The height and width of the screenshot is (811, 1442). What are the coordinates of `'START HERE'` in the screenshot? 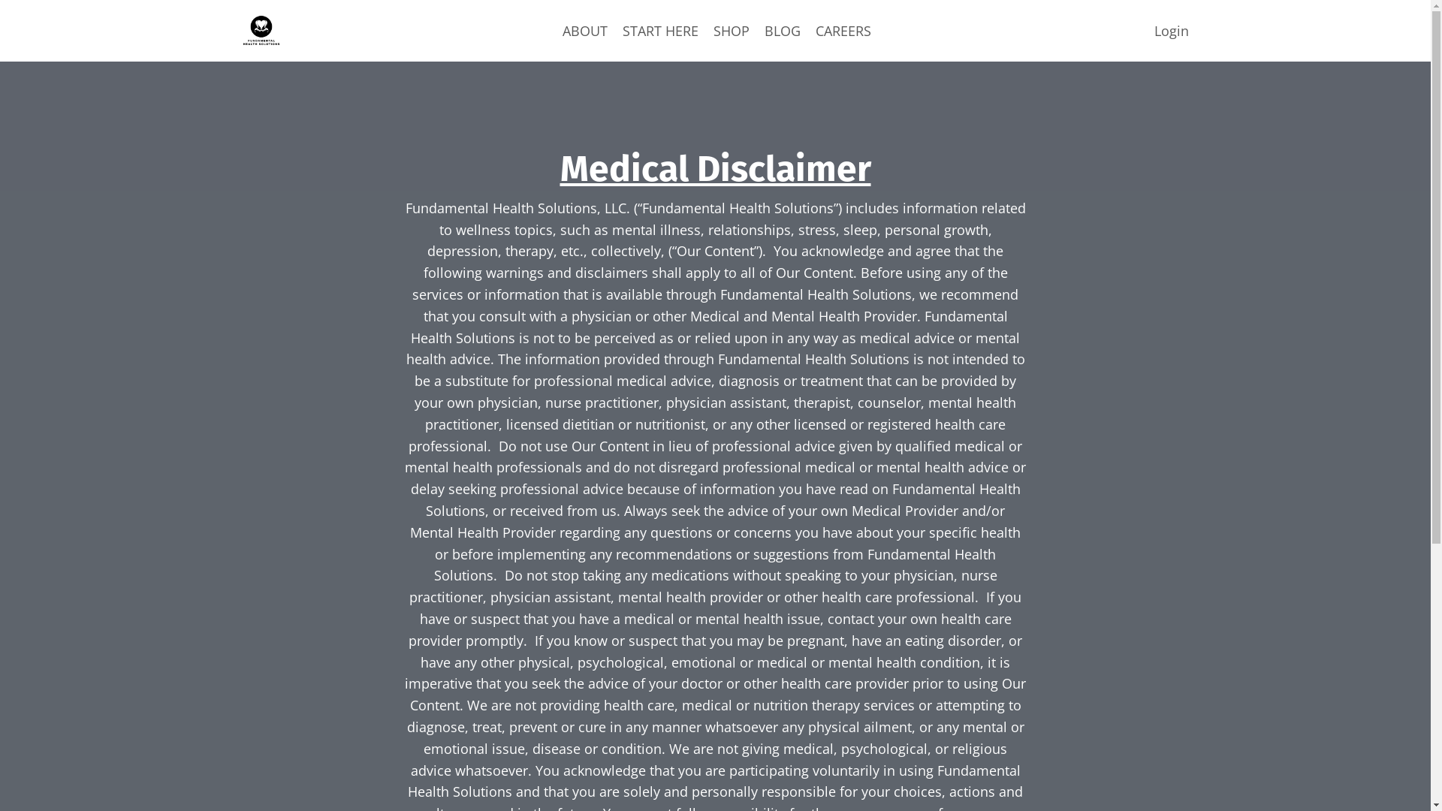 It's located at (623, 31).